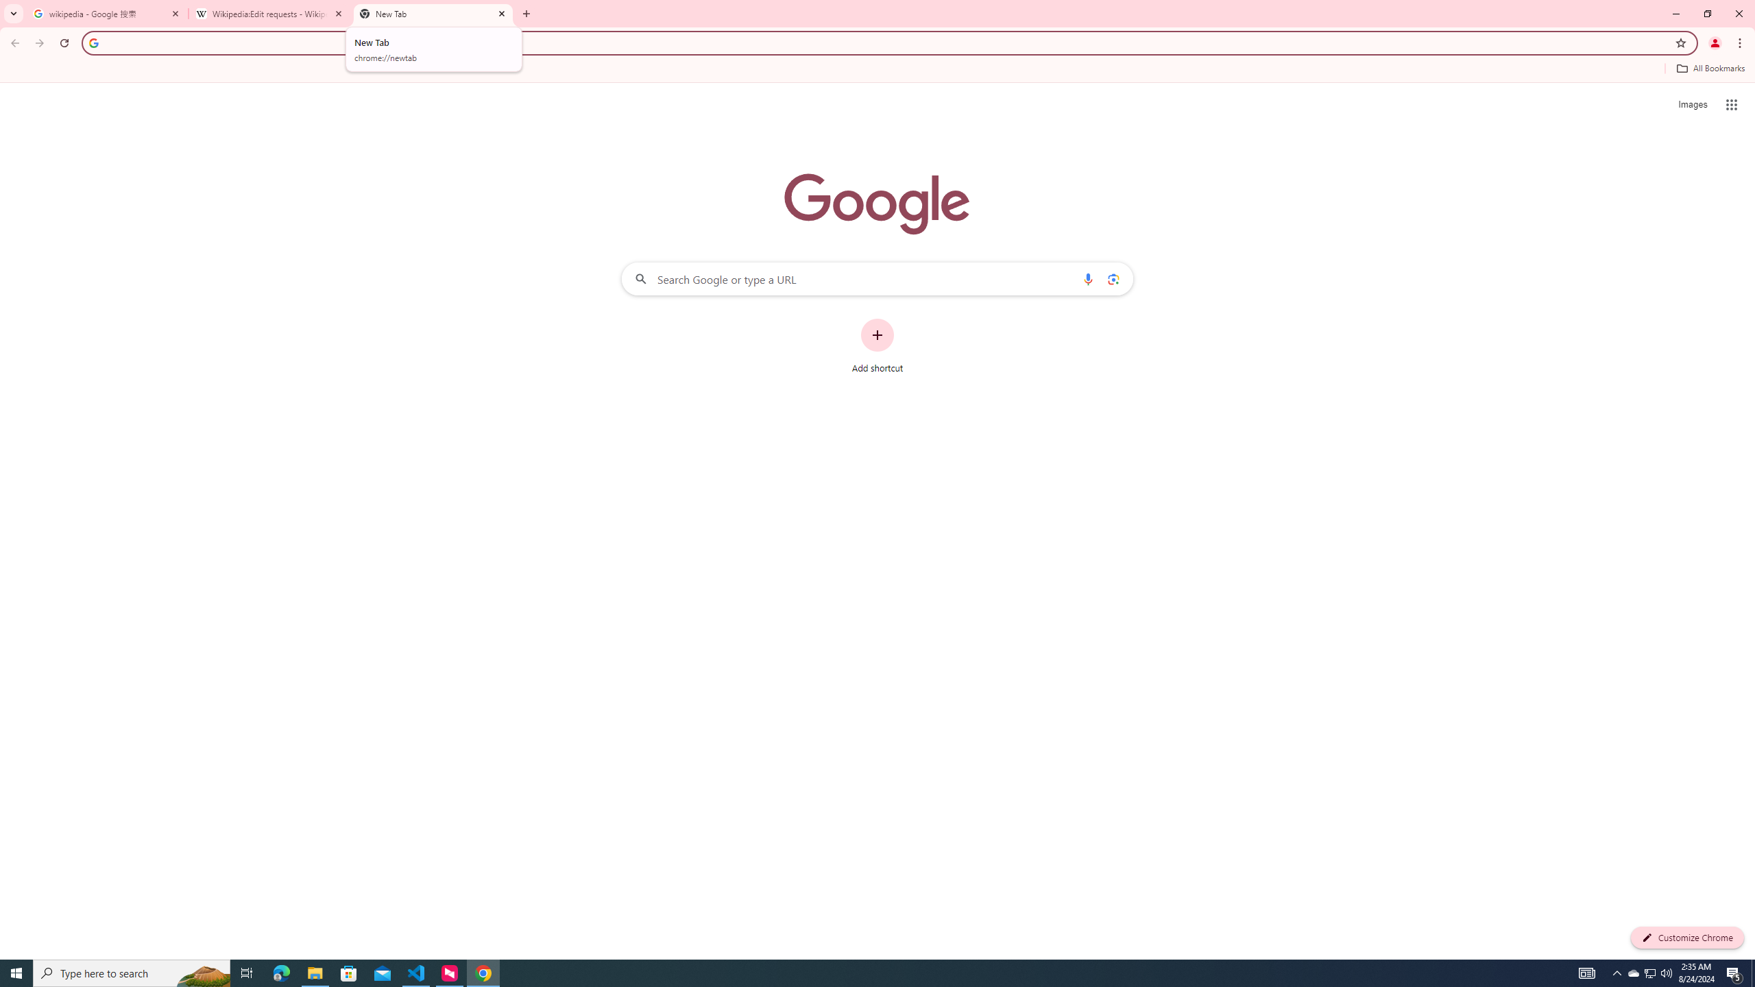 The width and height of the screenshot is (1755, 987). What do you see at coordinates (1687, 937) in the screenshot?
I see `'Customize Chrome'` at bounding box center [1687, 937].